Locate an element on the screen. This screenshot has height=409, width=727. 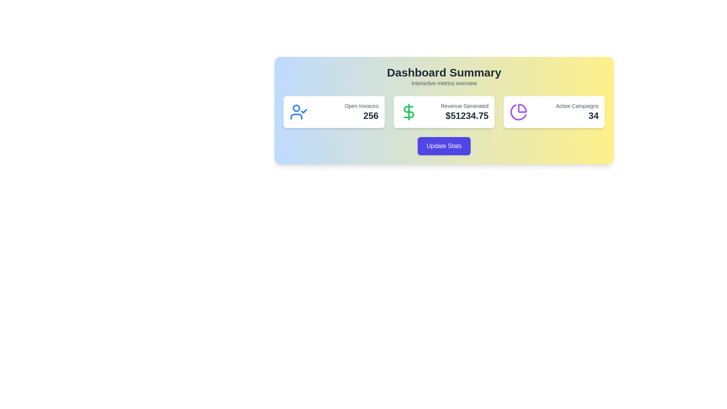
displayed revenue amount from the 'Revenue Generated' panel in the 'Dashboard Summary' section, which shows '$51234.75' is located at coordinates (444, 111).